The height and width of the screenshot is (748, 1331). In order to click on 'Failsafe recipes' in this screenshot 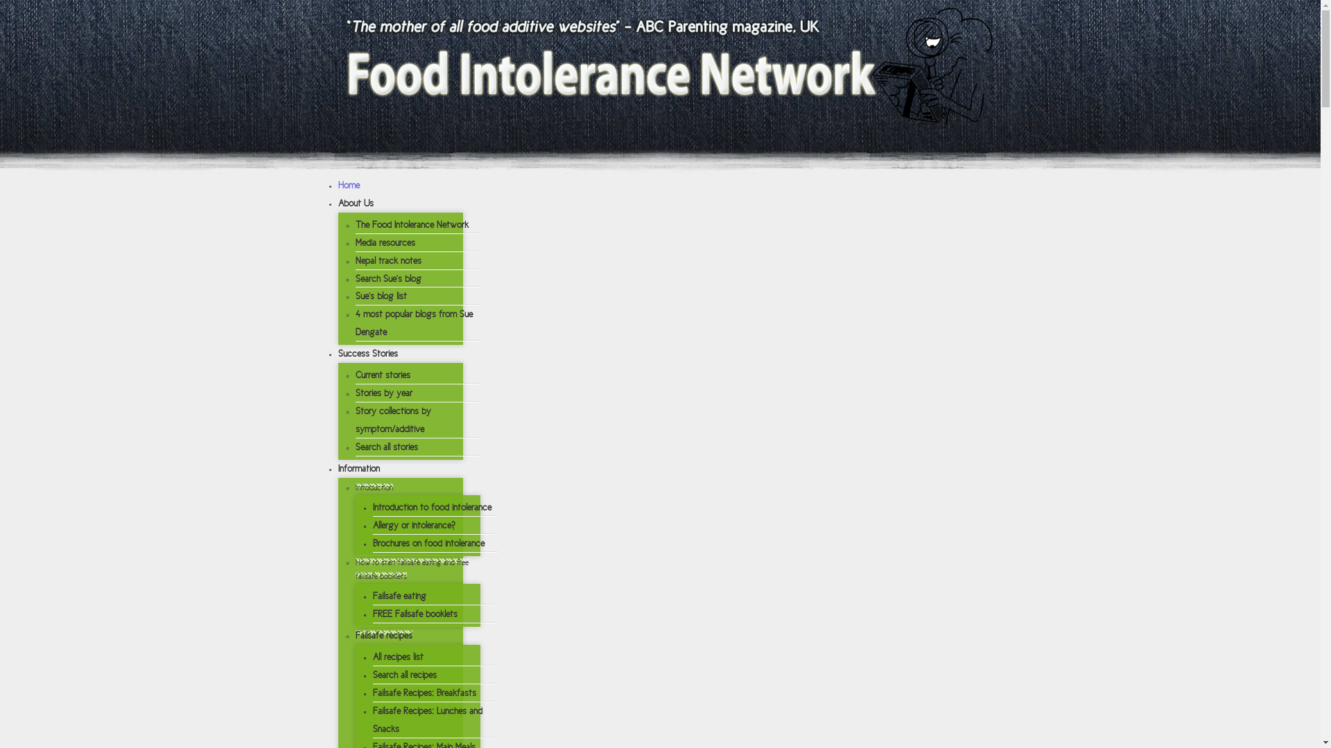, I will do `click(383, 635)`.